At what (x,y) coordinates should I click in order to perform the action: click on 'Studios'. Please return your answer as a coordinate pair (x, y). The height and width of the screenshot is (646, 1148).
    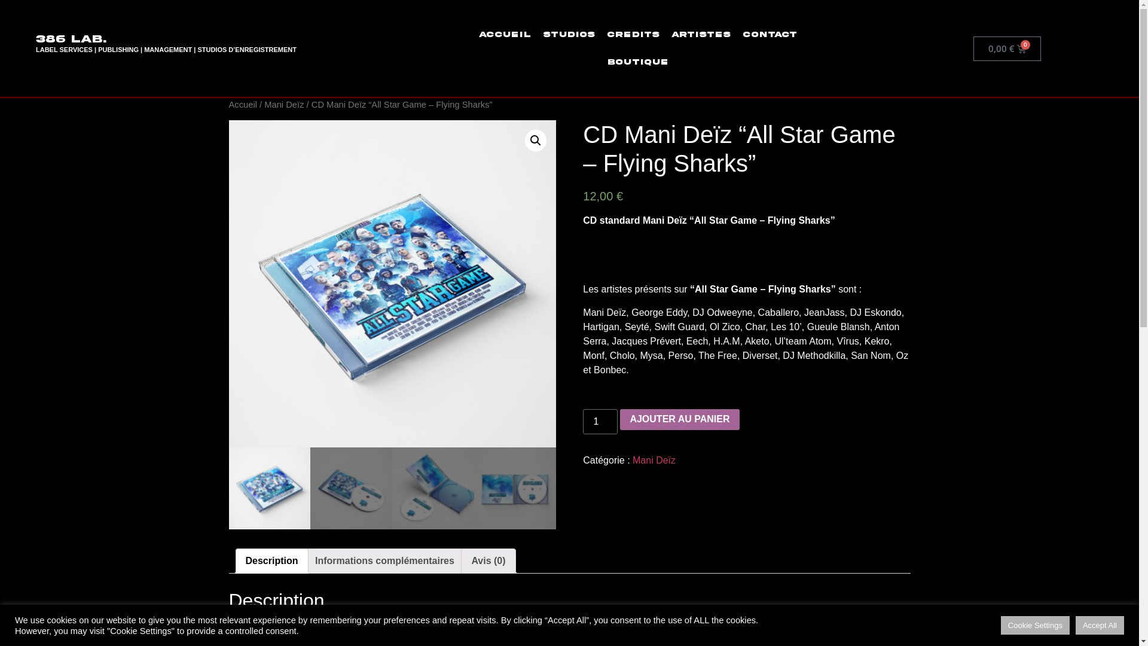
    Looking at the image, I should click on (568, 33).